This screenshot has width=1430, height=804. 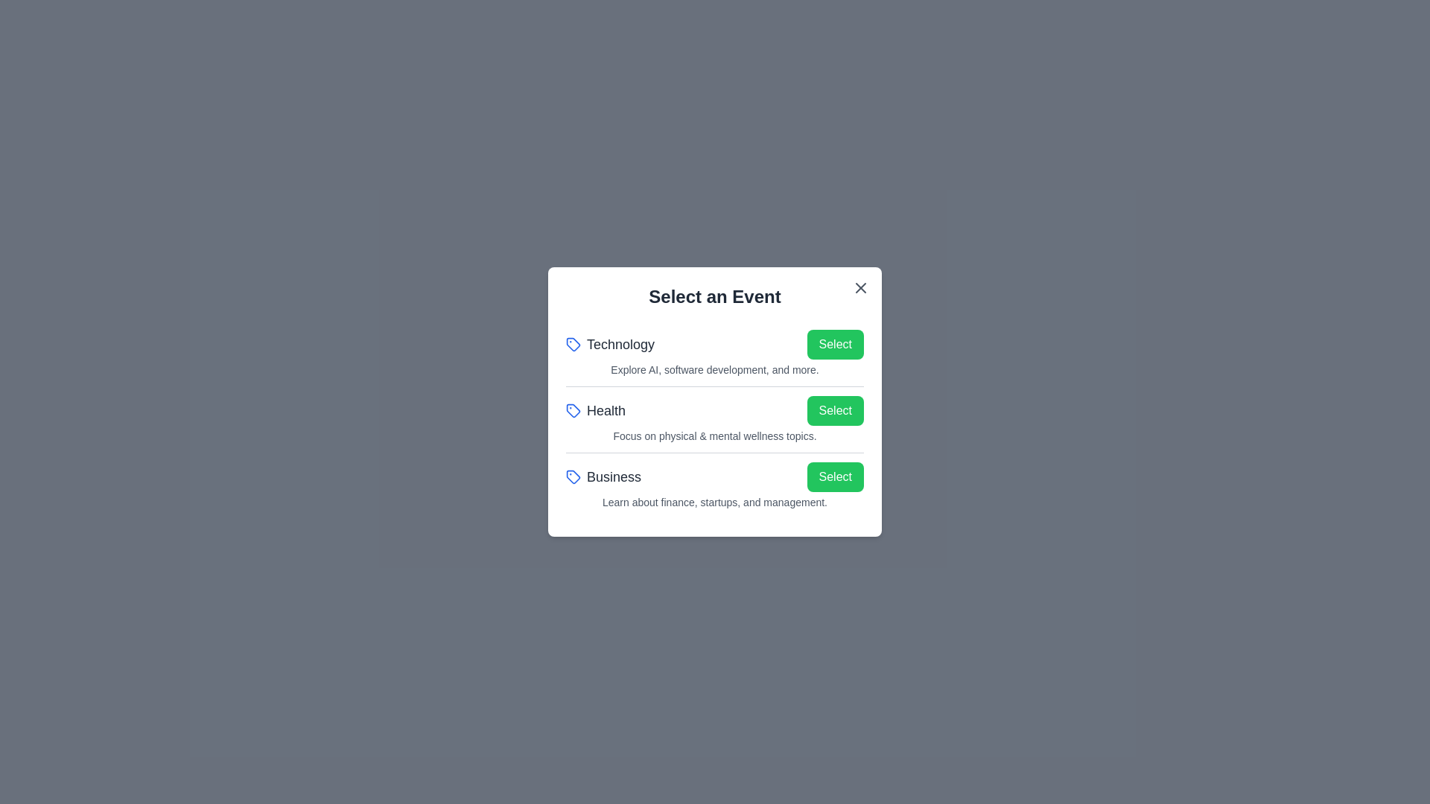 I want to click on the tag icon next to the category title Business, so click(x=572, y=476).